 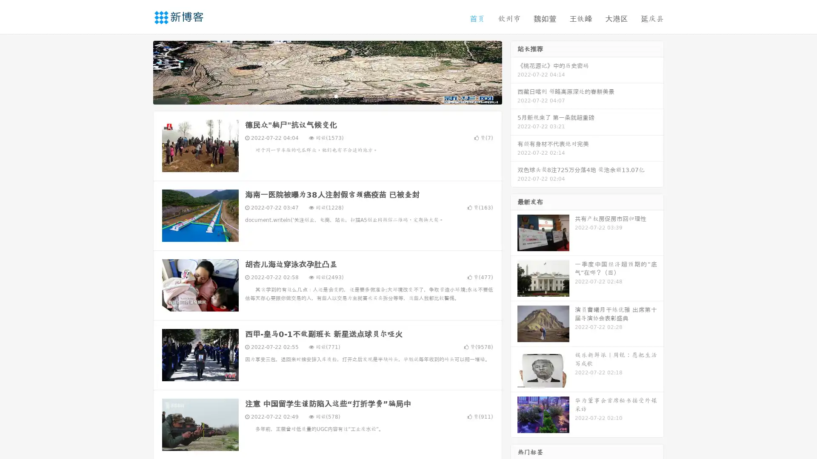 I want to click on Go to slide 3, so click(x=336, y=96).